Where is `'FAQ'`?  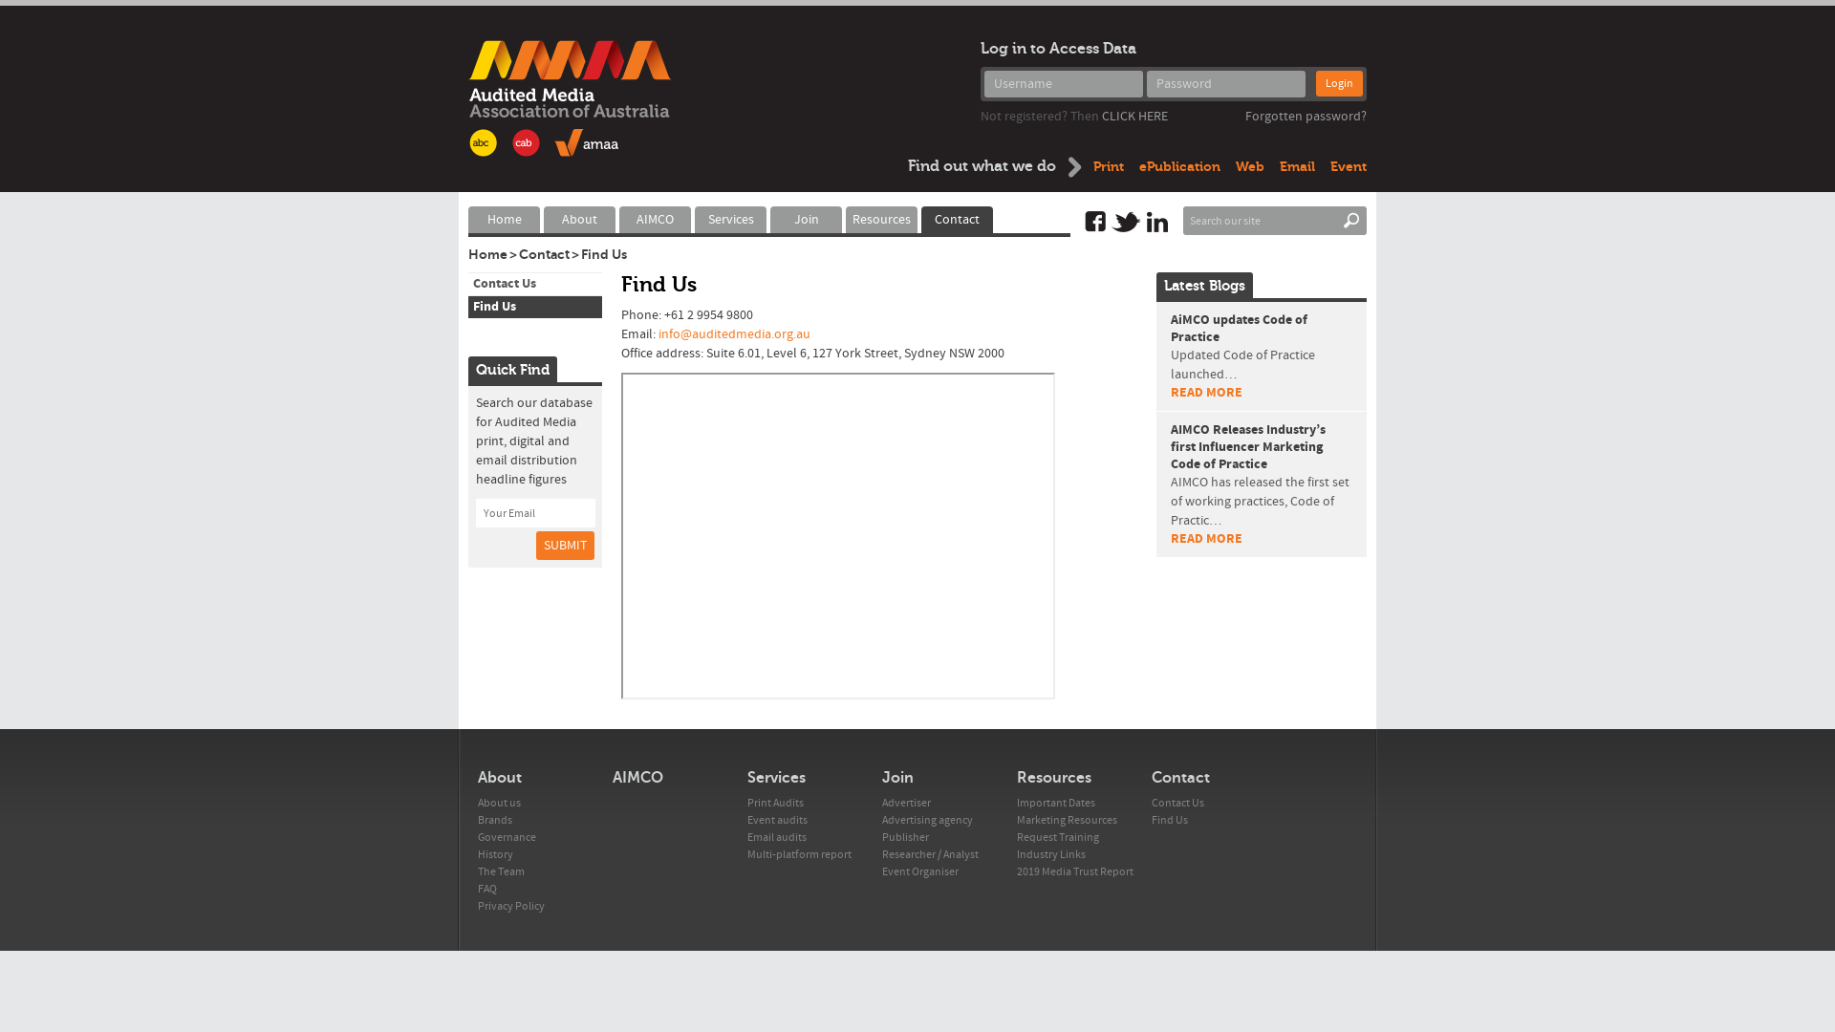 'FAQ' is located at coordinates (477, 889).